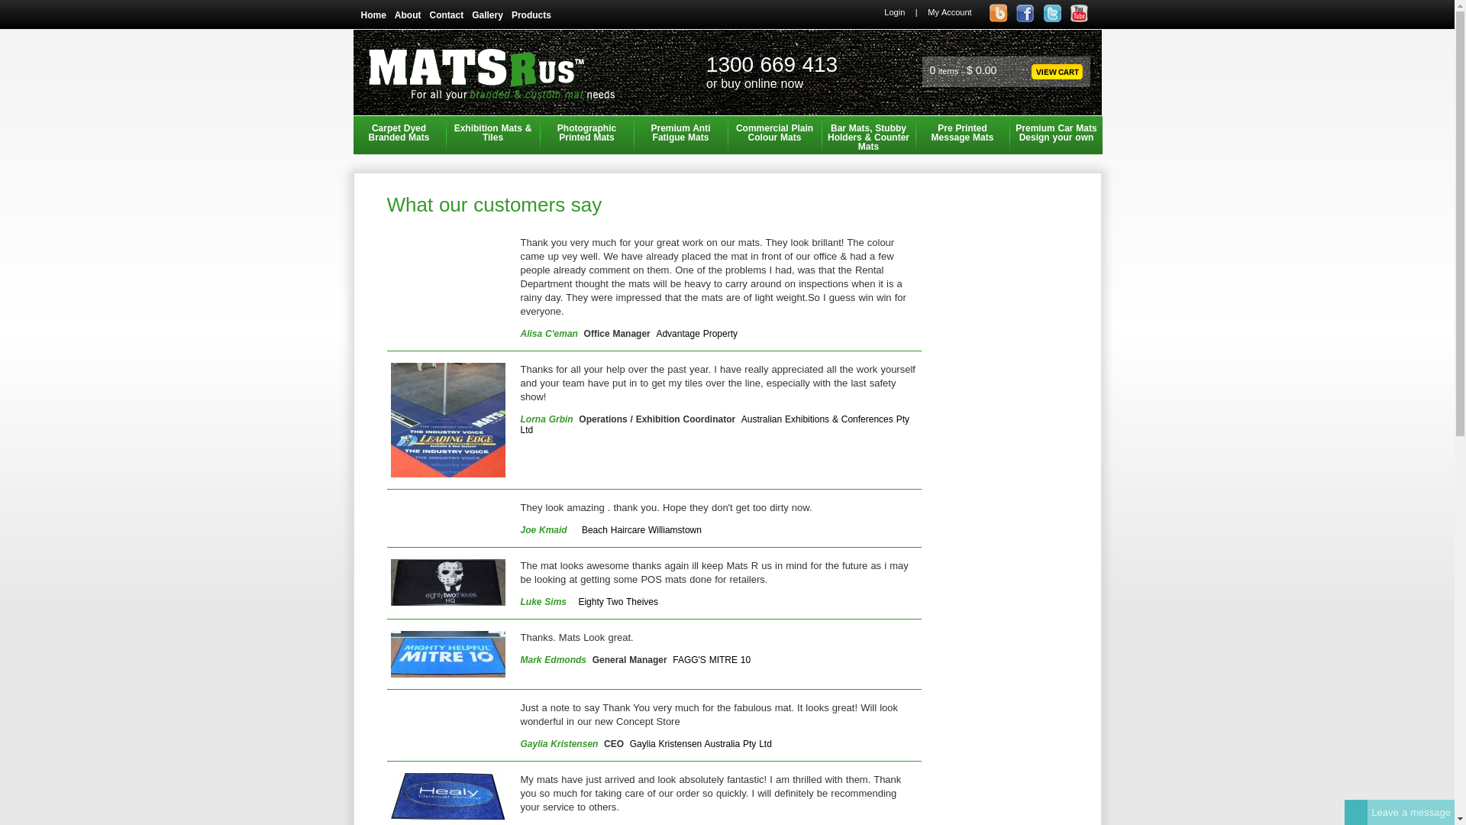  Describe the element at coordinates (868, 134) in the screenshot. I see `'Bar Mats, Stubby Holders & Counter Mats'` at that location.